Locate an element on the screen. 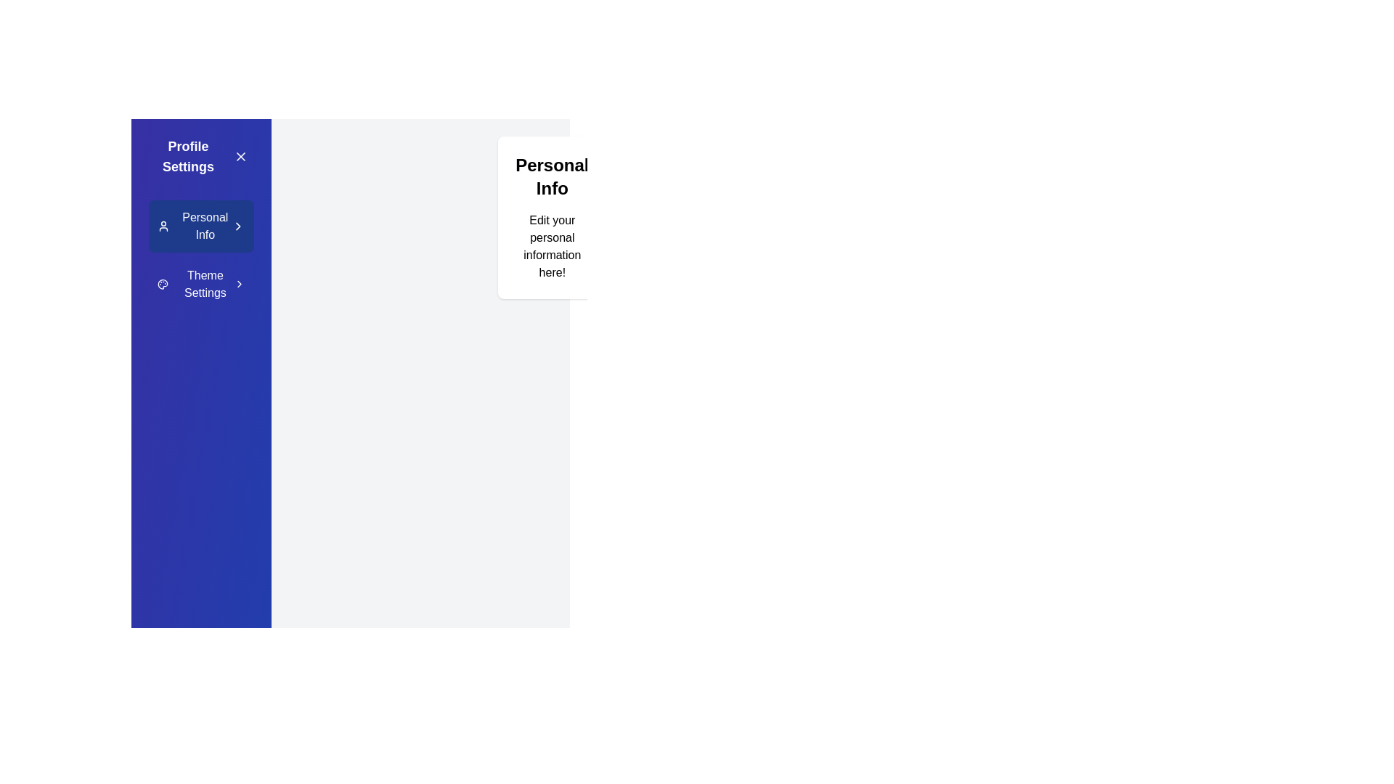  the Theme Settings button located in the left-hand sidebar under 'Profile Settings' is located at coordinates (200, 285).